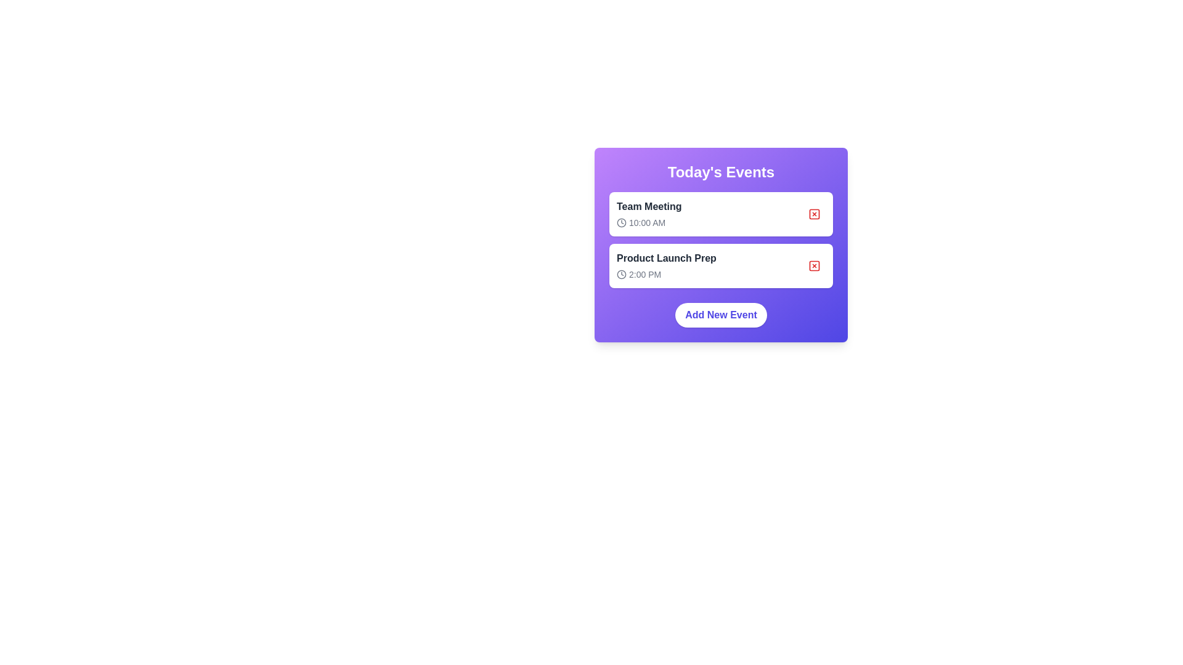 The image size is (1183, 665). What do you see at coordinates (721, 315) in the screenshot?
I see `the button for adding a new event located at the bottom center of the purple rounded rectangular card below the 'Product Launch Prep' section` at bounding box center [721, 315].